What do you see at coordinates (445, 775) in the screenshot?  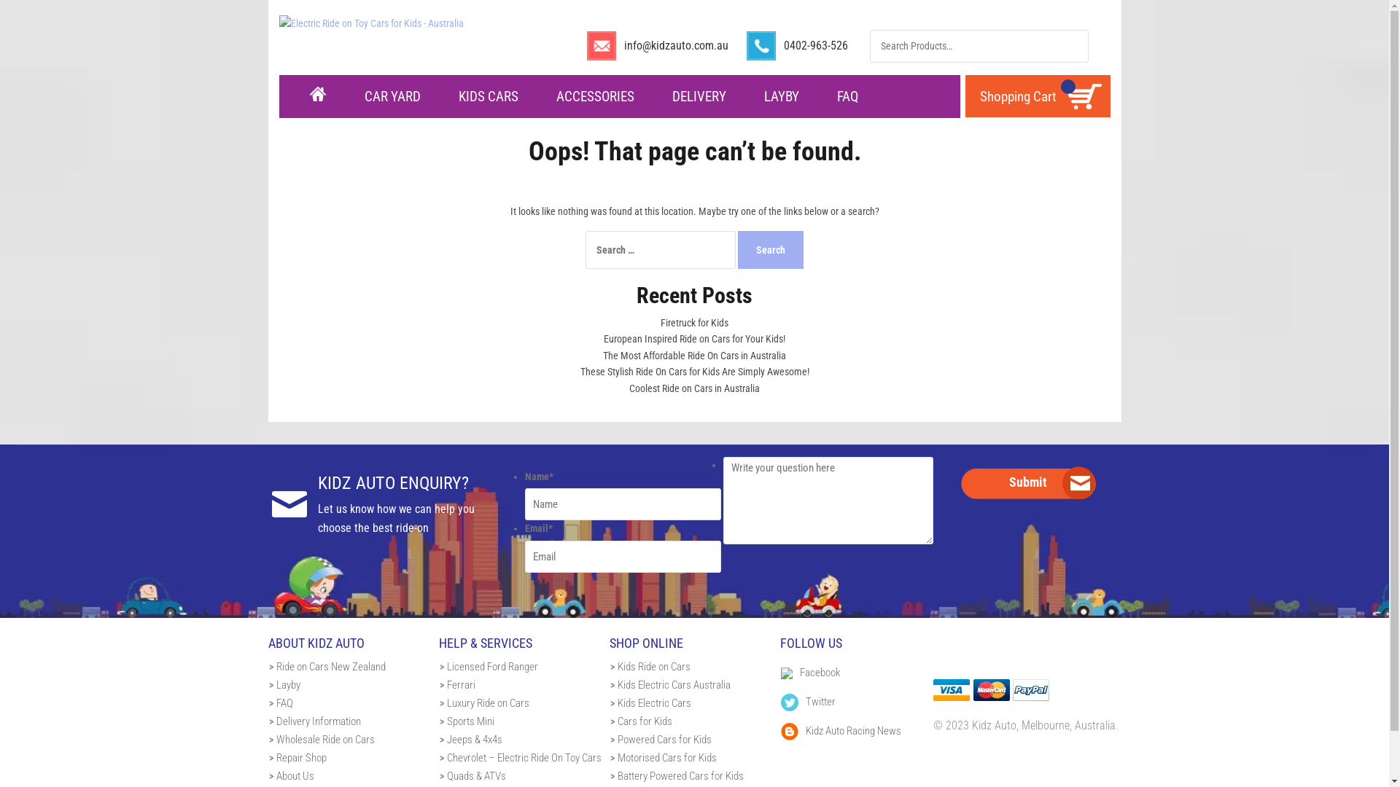 I see `'Quads & ATVs'` at bounding box center [445, 775].